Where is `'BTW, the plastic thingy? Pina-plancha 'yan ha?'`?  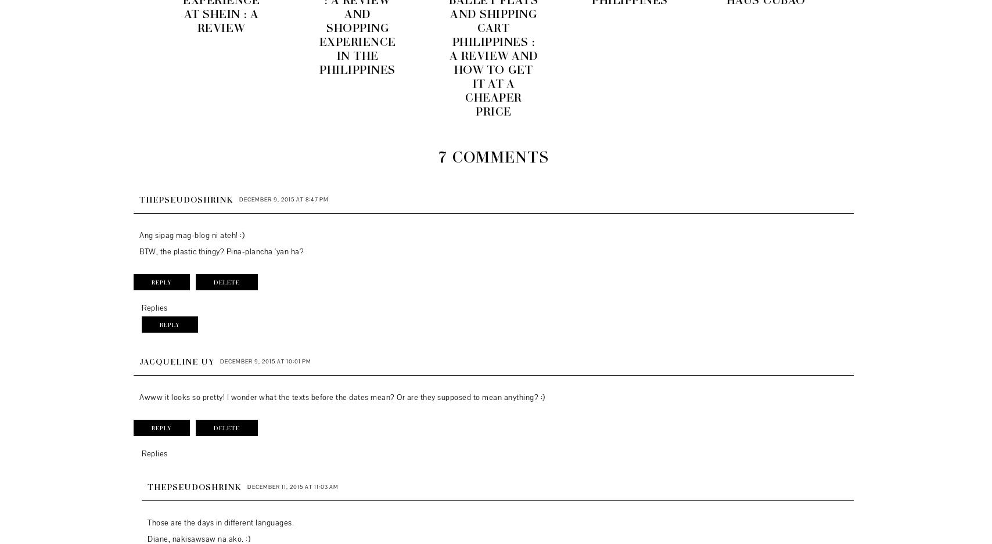 'BTW, the plastic thingy? Pina-plancha 'yan ha?' is located at coordinates (138, 251).